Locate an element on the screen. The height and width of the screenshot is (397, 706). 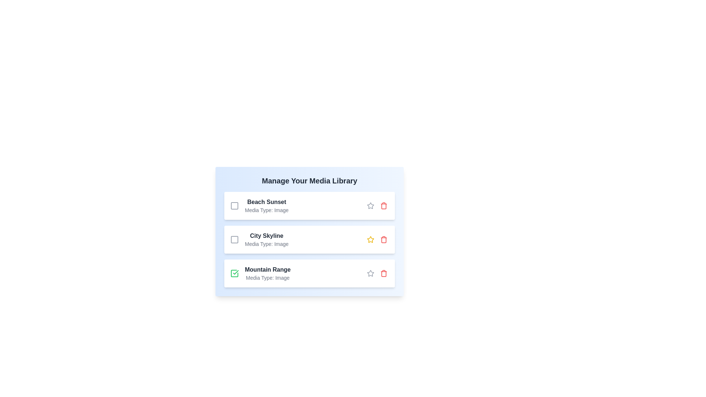
delete button for the media item titled 'City Skyline' is located at coordinates (383, 239).